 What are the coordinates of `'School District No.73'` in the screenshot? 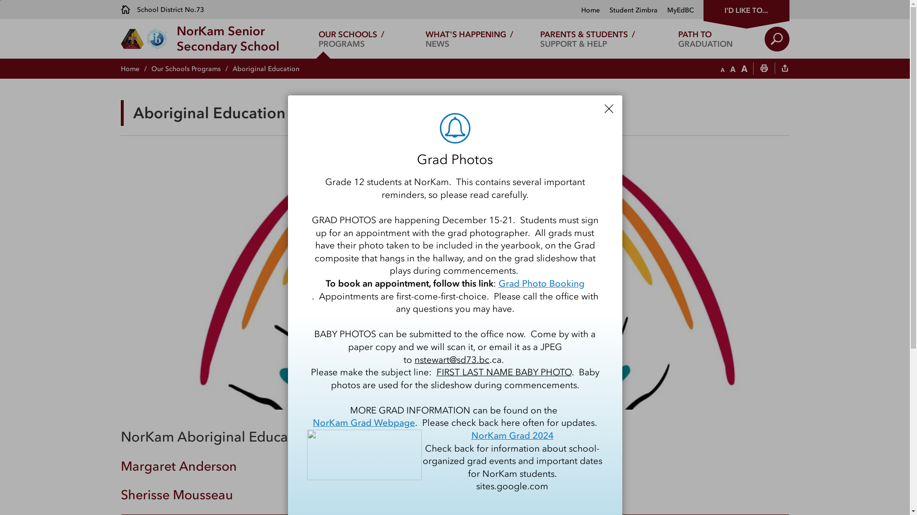 It's located at (162, 9).